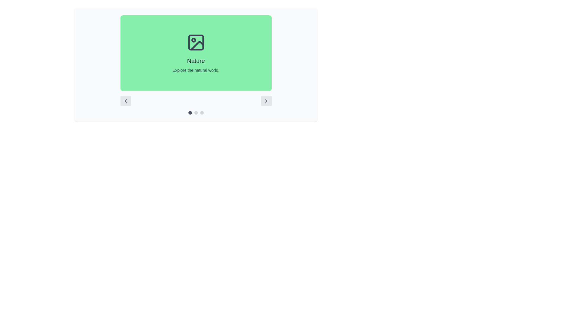 This screenshot has height=319, width=567. I want to click on the second pagination dot, which is light gray, so click(196, 113).